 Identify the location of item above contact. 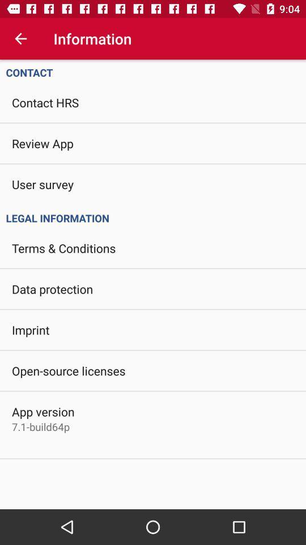
(20, 39).